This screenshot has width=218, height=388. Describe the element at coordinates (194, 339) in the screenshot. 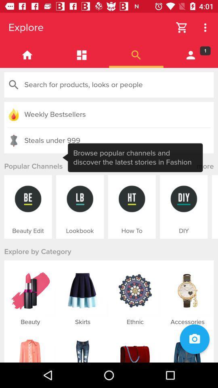

I see `the photo icon` at that location.